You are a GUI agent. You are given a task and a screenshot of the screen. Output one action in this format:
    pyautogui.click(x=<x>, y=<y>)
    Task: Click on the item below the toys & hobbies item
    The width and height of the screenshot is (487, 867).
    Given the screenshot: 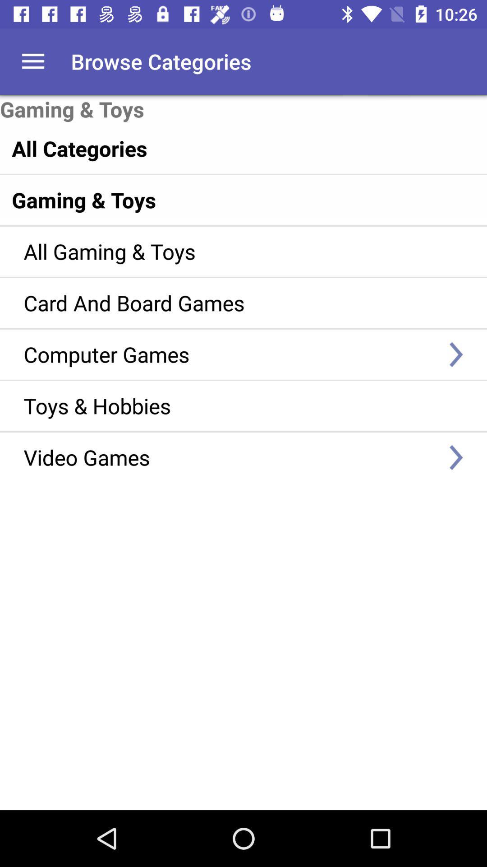 What is the action you would take?
    pyautogui.click(x=230, y=457)
    